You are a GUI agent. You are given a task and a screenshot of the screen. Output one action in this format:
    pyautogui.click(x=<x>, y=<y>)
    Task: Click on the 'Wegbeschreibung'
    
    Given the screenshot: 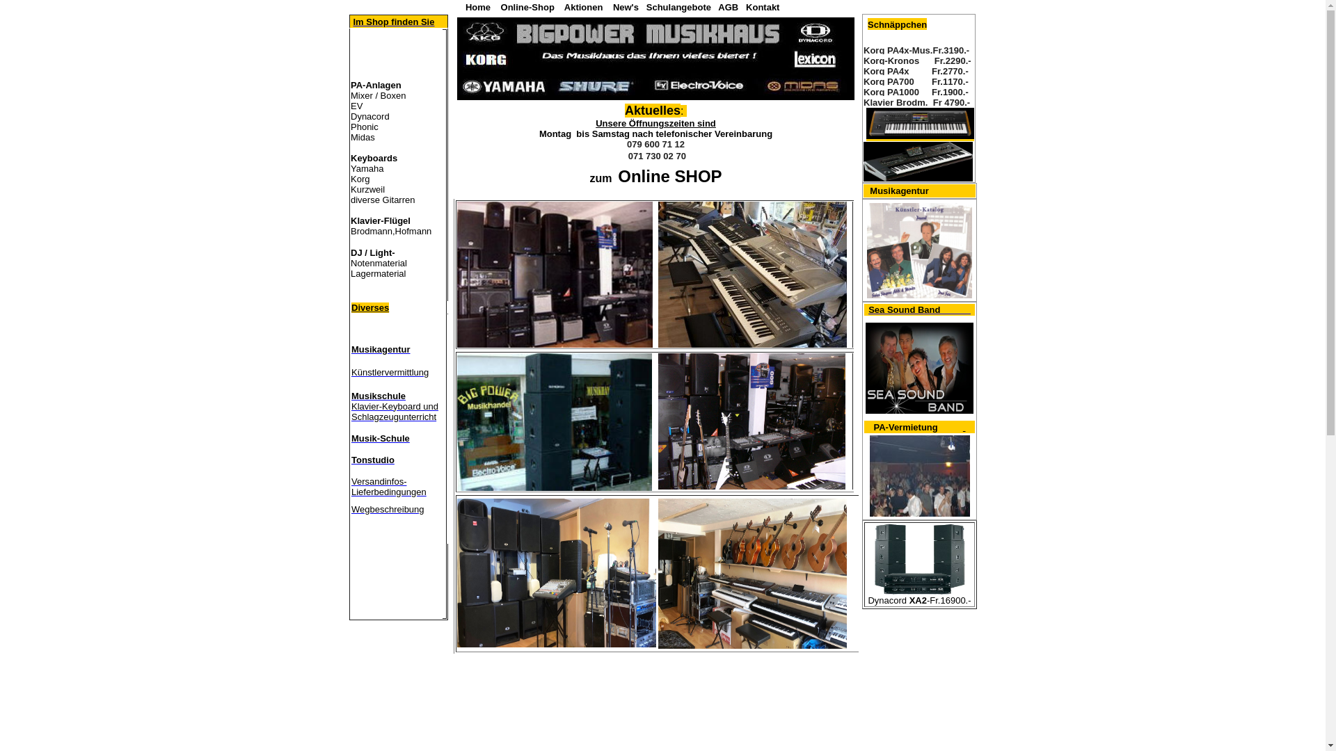 What is the action you would take?
    pyautogui.click(x=388, y=508)
    